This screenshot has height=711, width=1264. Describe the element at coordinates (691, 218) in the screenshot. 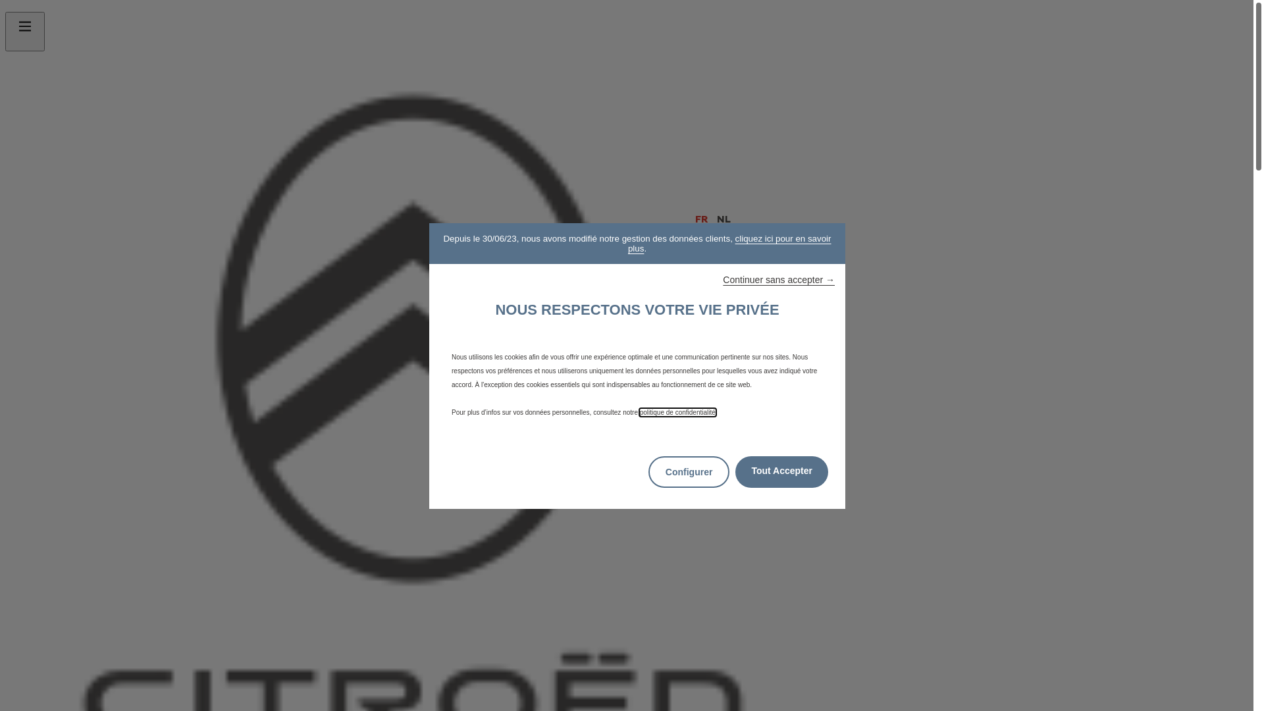

I see `'FR'` at that location.